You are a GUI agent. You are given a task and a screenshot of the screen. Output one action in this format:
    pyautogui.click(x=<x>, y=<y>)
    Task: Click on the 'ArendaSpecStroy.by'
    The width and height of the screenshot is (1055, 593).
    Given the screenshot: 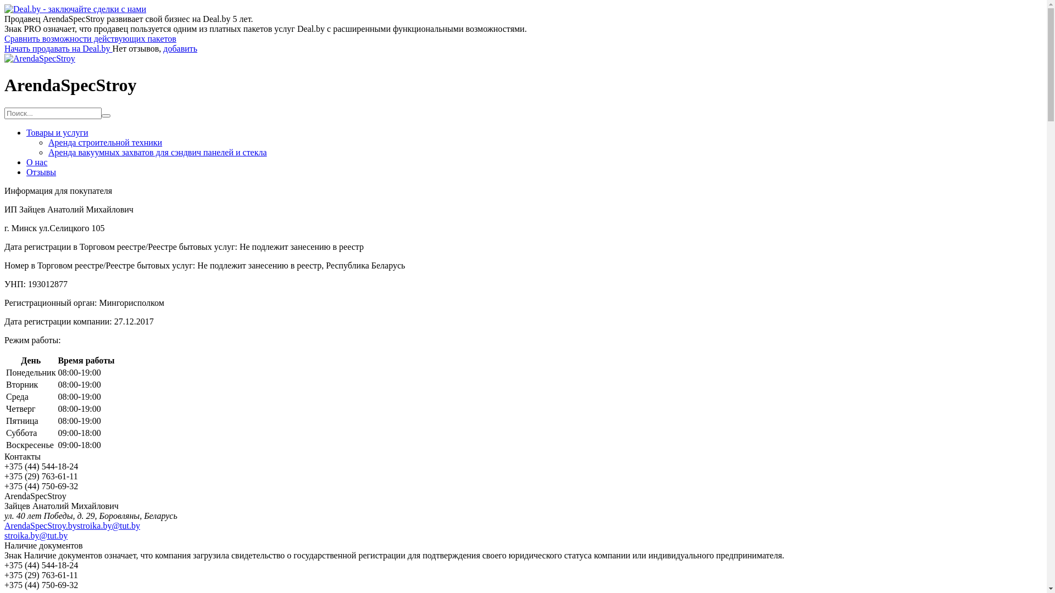 What is the action you would take?
    pyautogui.click(x=40, y=525)
    